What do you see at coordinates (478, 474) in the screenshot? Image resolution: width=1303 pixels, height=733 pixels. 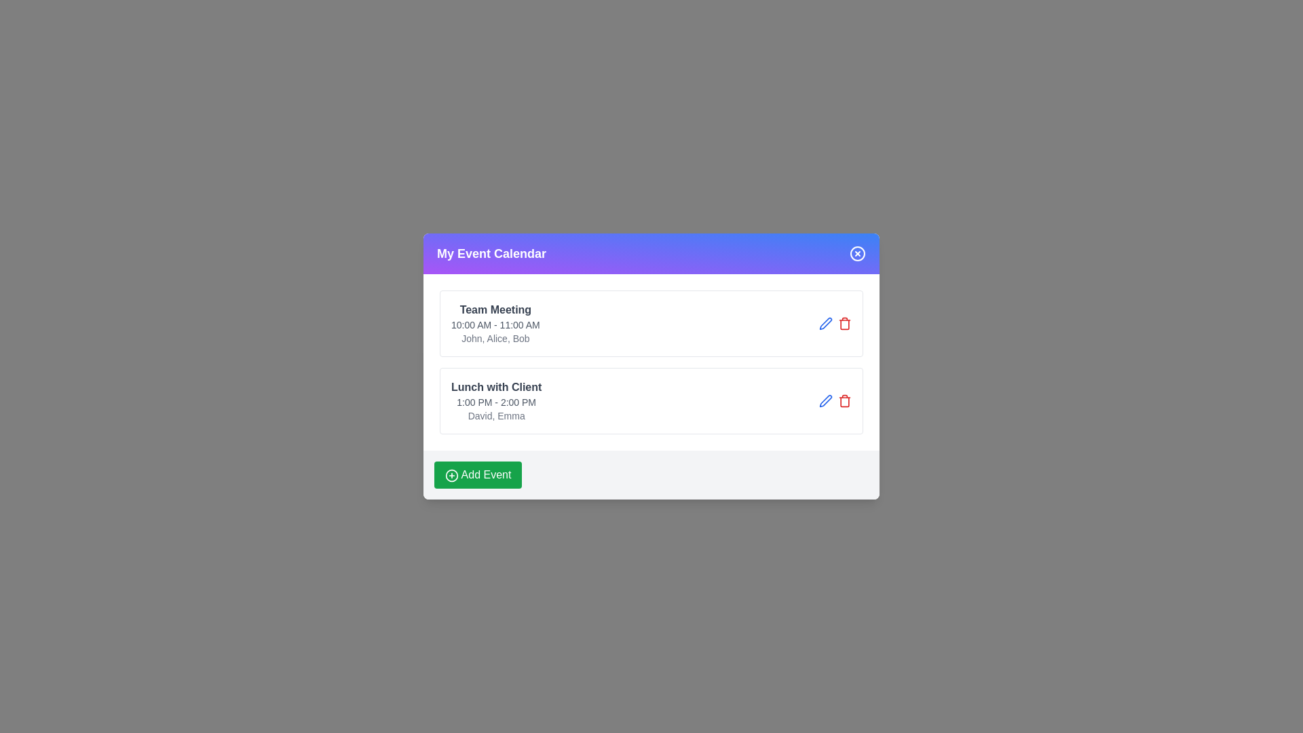 I see `the green 'Add Event' button with rounded edges, which contains white text and an icon` at bounding box center [478, 474].